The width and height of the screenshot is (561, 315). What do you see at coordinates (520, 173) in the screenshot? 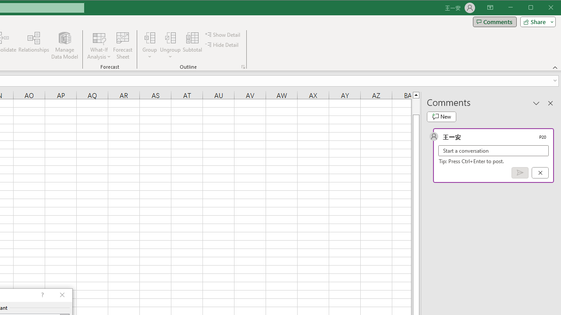
I see `'Post comment (Ctrl + Enter)'` at bounding box center [520, 173].